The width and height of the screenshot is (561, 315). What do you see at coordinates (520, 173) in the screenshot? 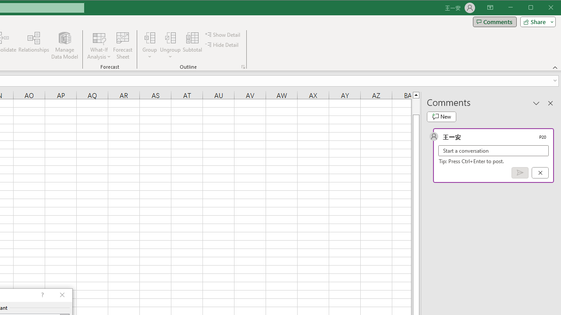
I see `'Post comment (Ctrl + Enter)'` at bounding box center [520, 173].